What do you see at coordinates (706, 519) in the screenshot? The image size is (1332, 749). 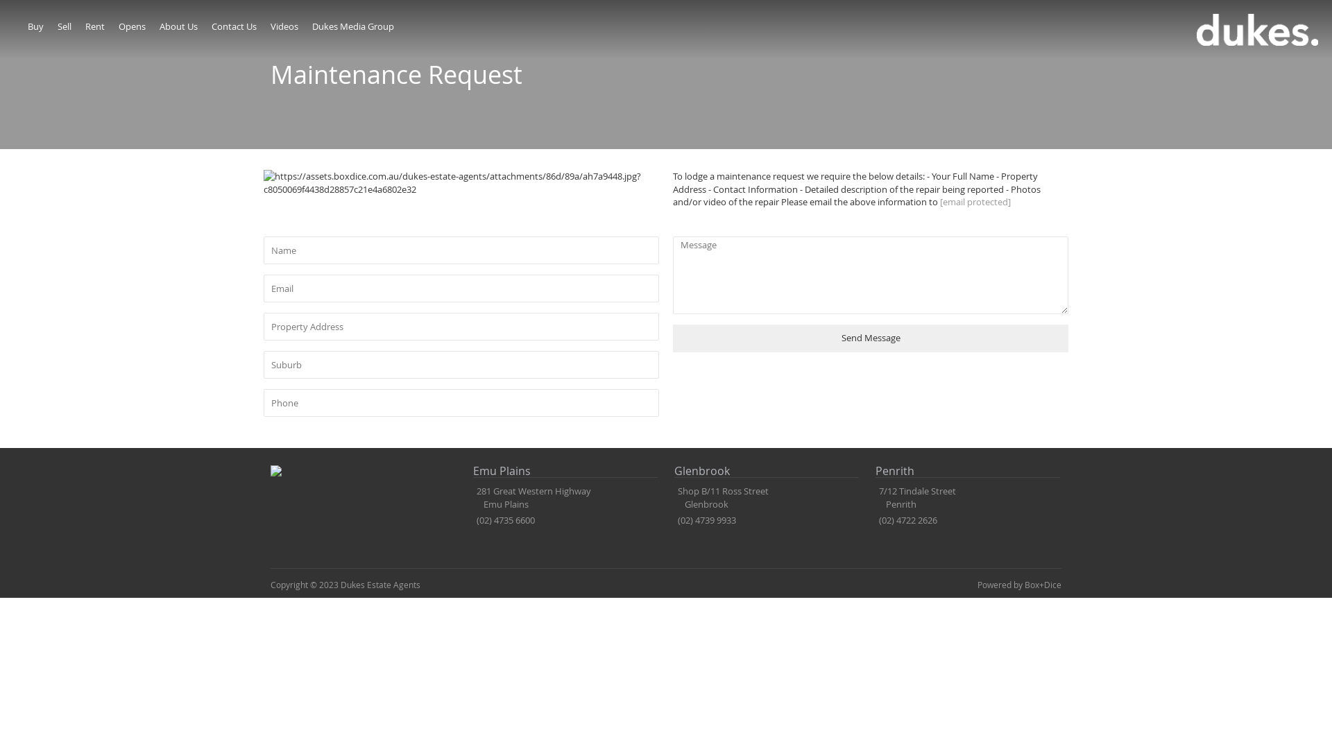 I see `'(02) 4739 9933'` at bounding box center [706, 519].